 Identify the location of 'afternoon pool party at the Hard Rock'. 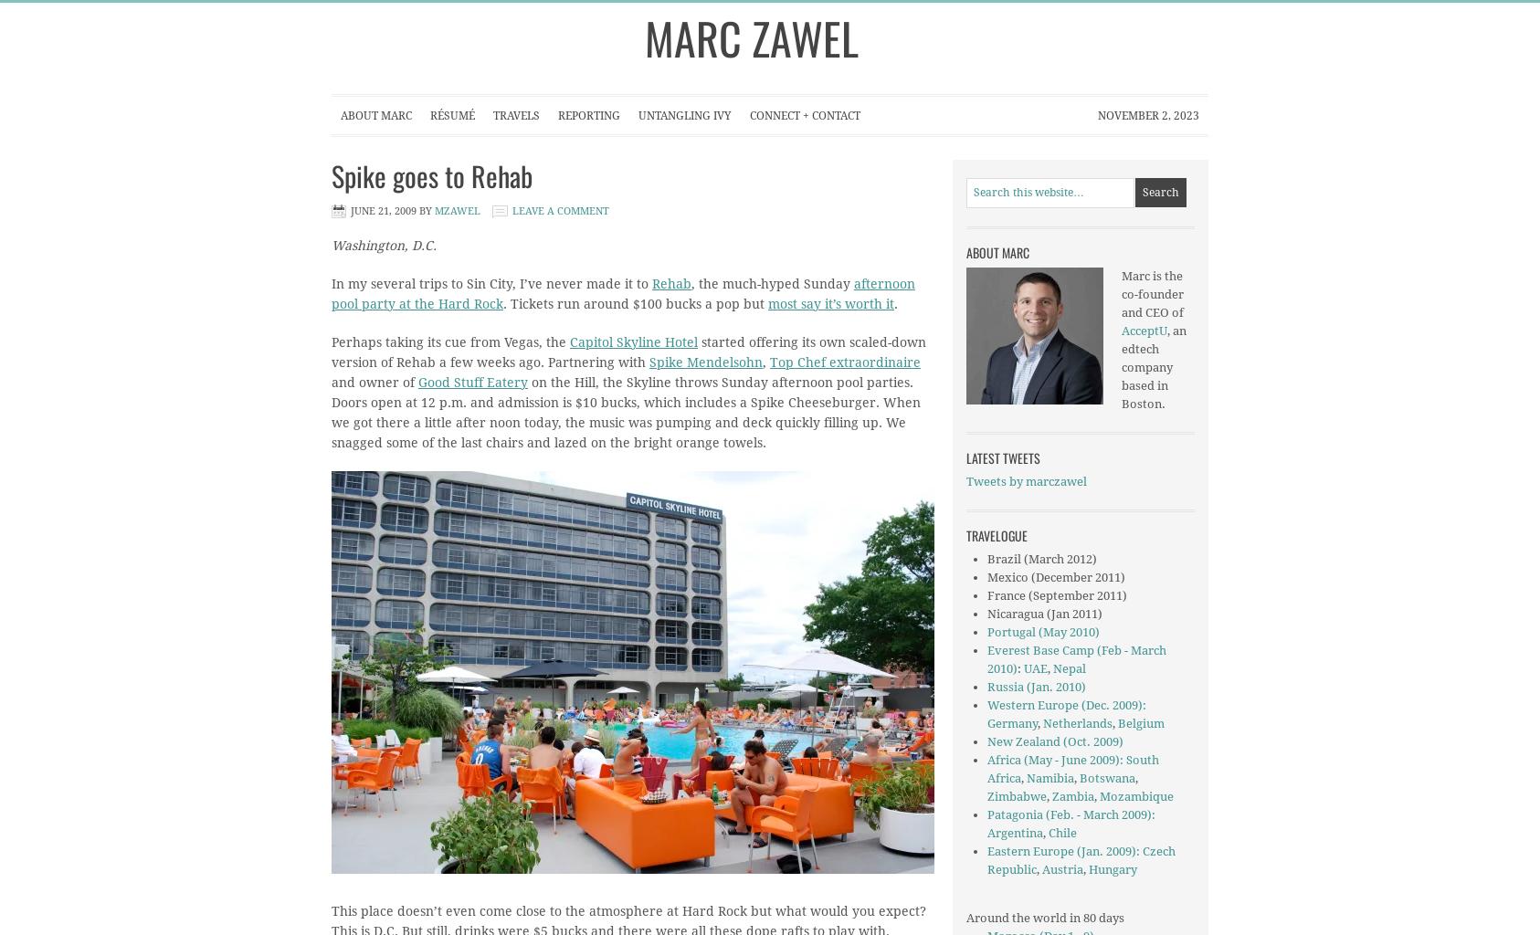
(622, 293).